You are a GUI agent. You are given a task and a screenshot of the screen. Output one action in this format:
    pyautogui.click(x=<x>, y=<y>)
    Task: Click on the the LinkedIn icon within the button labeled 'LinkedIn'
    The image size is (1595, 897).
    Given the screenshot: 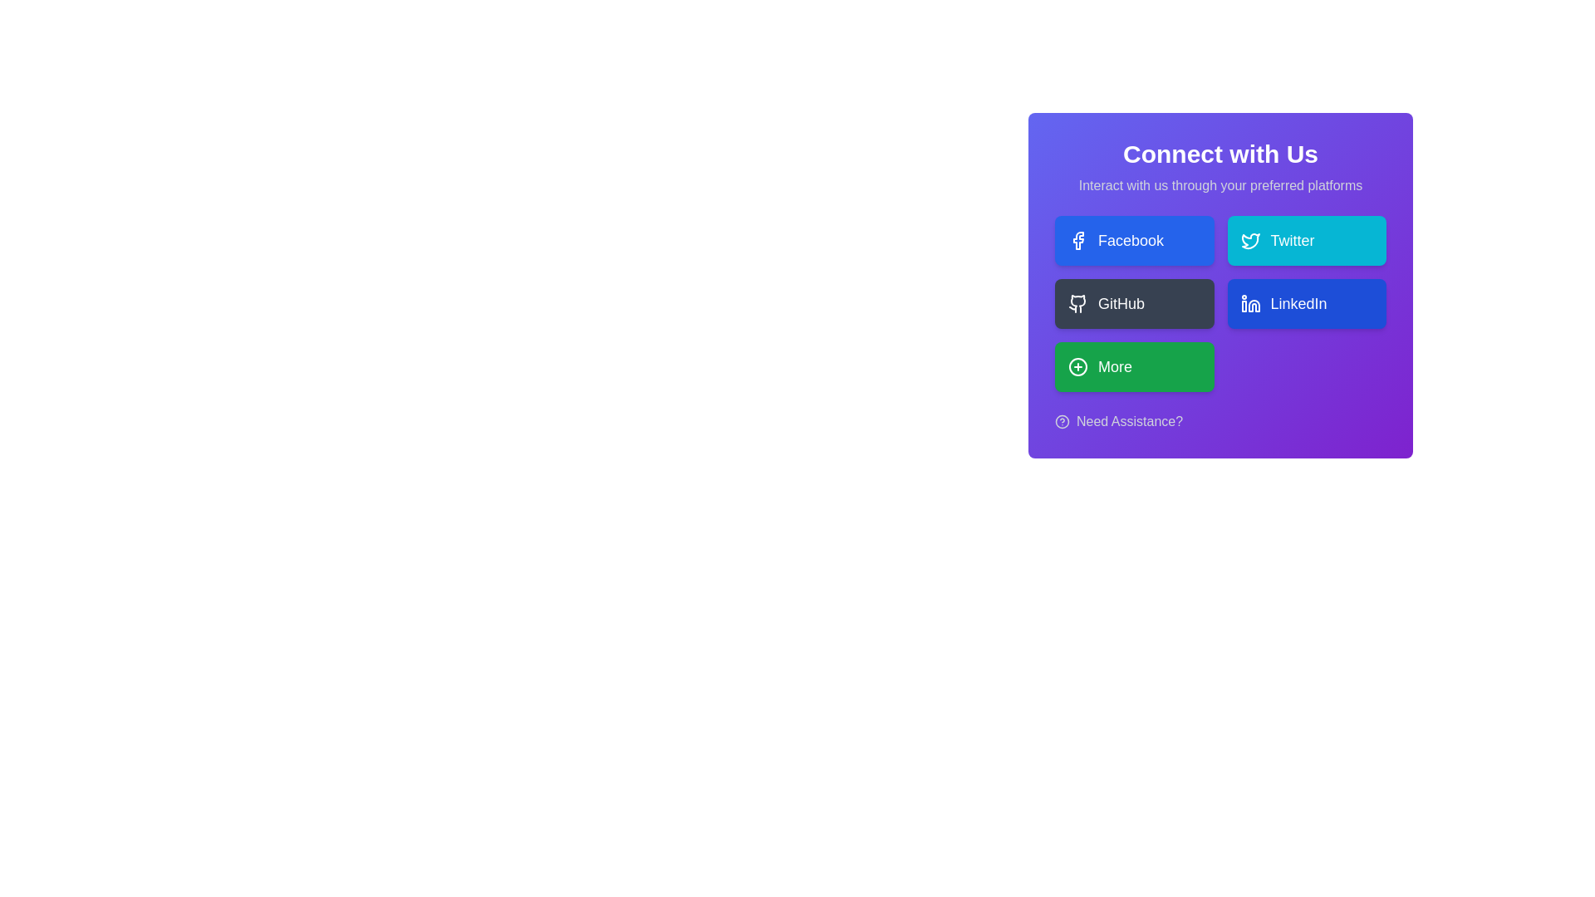 What is the action you would take?
    pyautogui.click(x=1250, y=304)
    